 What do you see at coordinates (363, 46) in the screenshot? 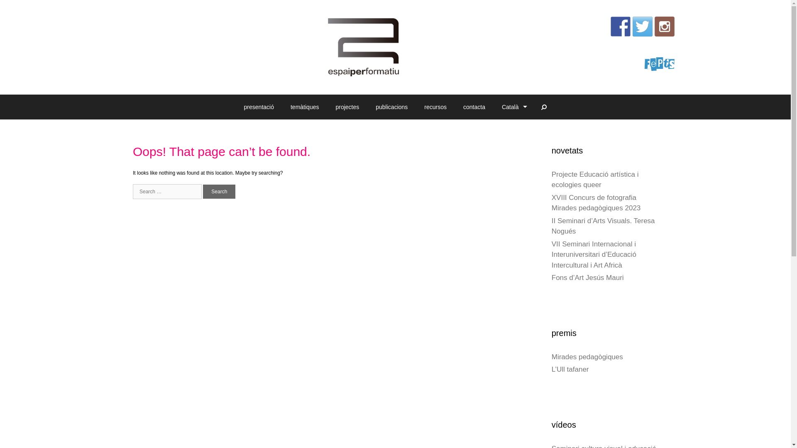
I see `'espaiperformatiu'` at bounding box center [363, 46].